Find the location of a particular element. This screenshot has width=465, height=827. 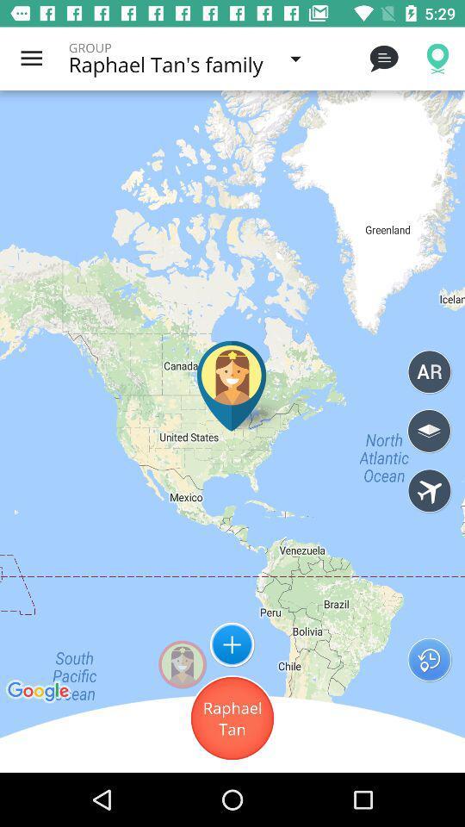

the blue colored dot with  inside it shown at the bottom of the page is located at coordinates (232, 644).